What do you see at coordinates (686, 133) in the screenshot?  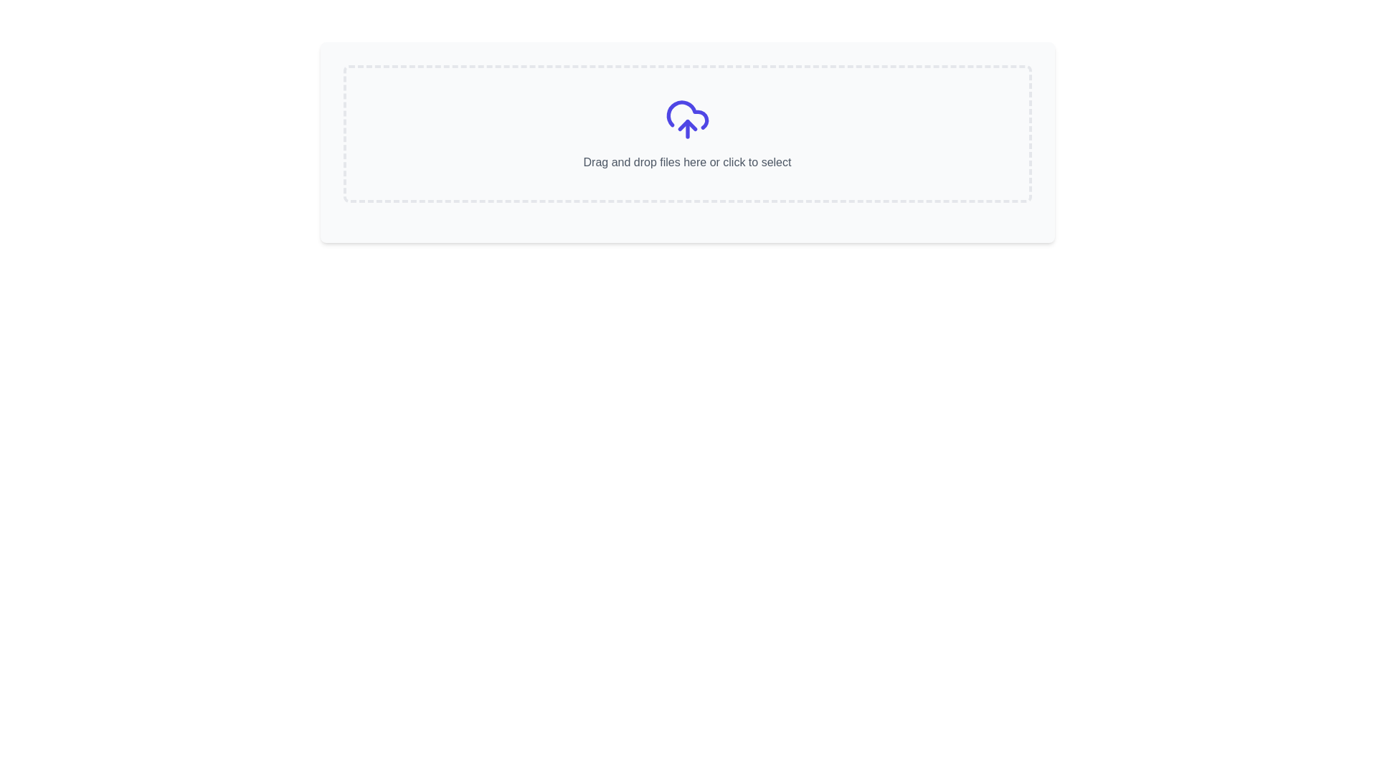 I see `the file upload area by clicking on the purple cloud icon with an upward arrow or the text 'Drag and drop files here or click to select' for feedback` at bounding box center [686, 133].